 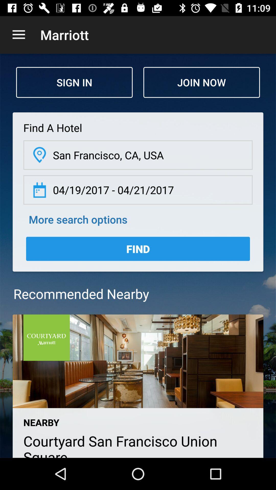 What do you see at coordinates (18, 34) in the screenshot?
I see `the icon to the left of the marriott icon` at bounding box center [18, 34].